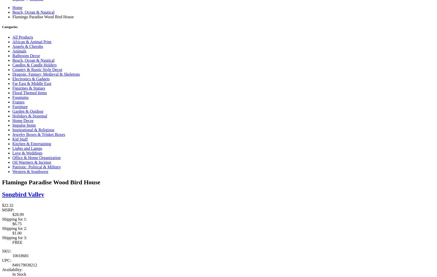 Image resolution: width=437 pixels, height=277 pixels. Describe the element at coordinates (12, 171) in the screenshot. I see `'Western & Southwest'` at that location.